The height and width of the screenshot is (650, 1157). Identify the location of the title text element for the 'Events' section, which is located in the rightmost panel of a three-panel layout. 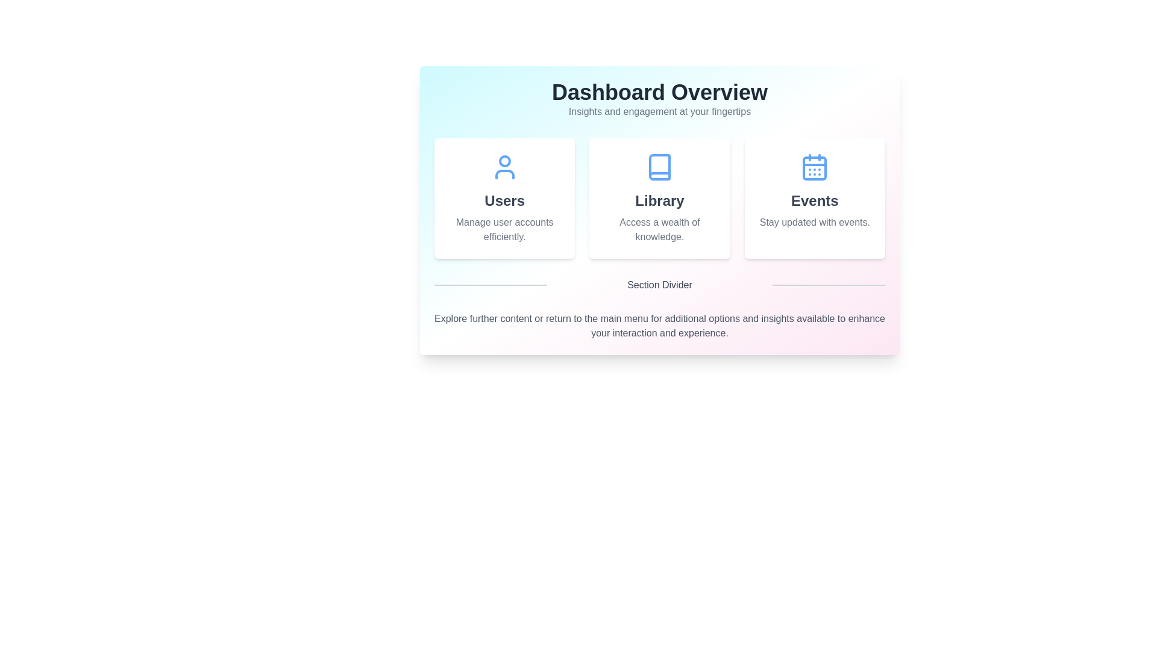
(815, 200).